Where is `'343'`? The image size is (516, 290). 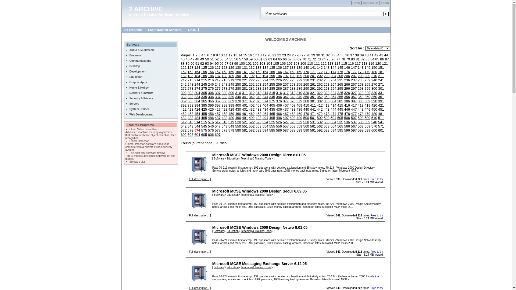 '343' is located at coordinates (258, 97).